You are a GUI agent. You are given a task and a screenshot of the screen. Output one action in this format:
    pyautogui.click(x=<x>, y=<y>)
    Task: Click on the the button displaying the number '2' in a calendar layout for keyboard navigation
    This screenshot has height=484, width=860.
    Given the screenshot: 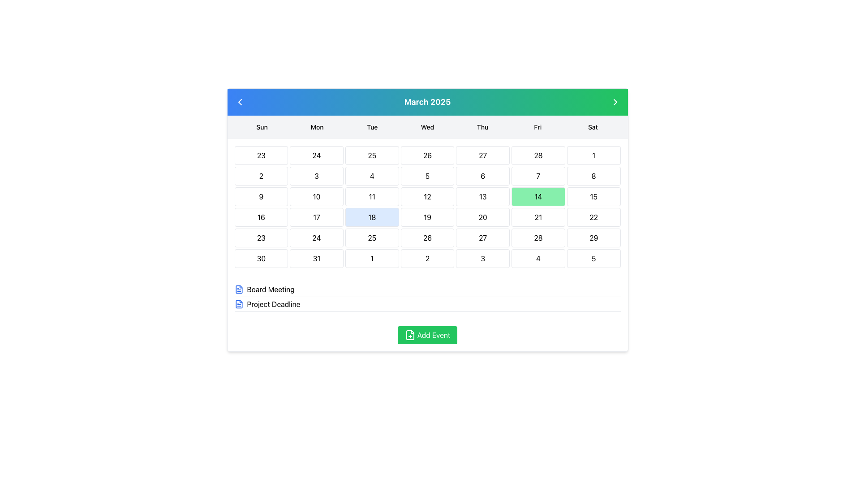 What is the action you would take?
    pyautogui.click(x=427, y=259)
    